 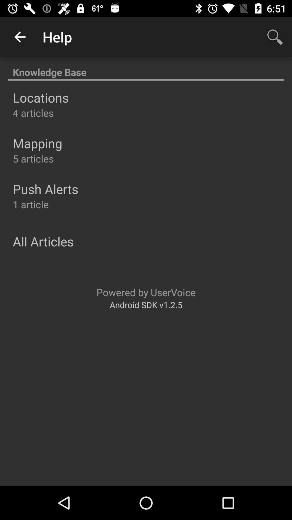 What do you see at coordinates (275, 37) in the screenshot?
I see `app next to help icon` at bounding box center [275, 37].